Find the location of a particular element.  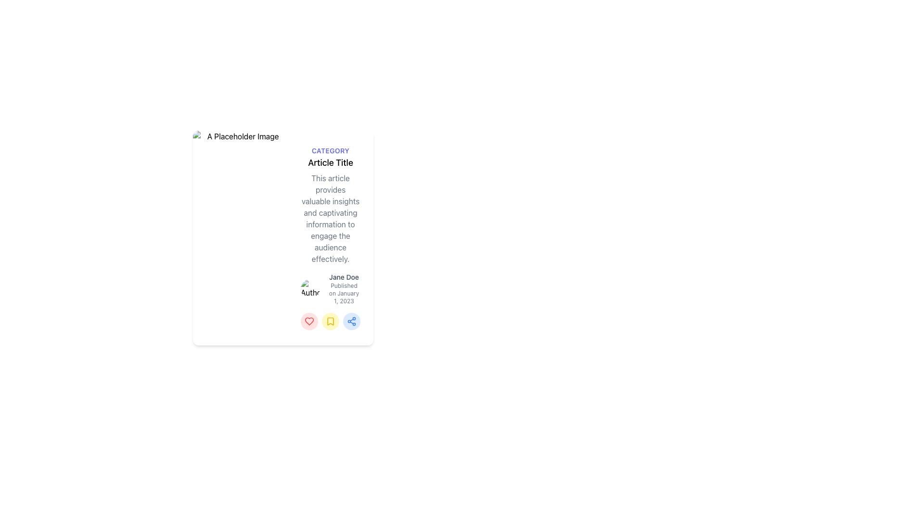

the text label that presents the author's name, located in the bottom-left section of the panel below the author icon and above the text 'Published on January 1, 2023' is located at coordinates (344, 277).